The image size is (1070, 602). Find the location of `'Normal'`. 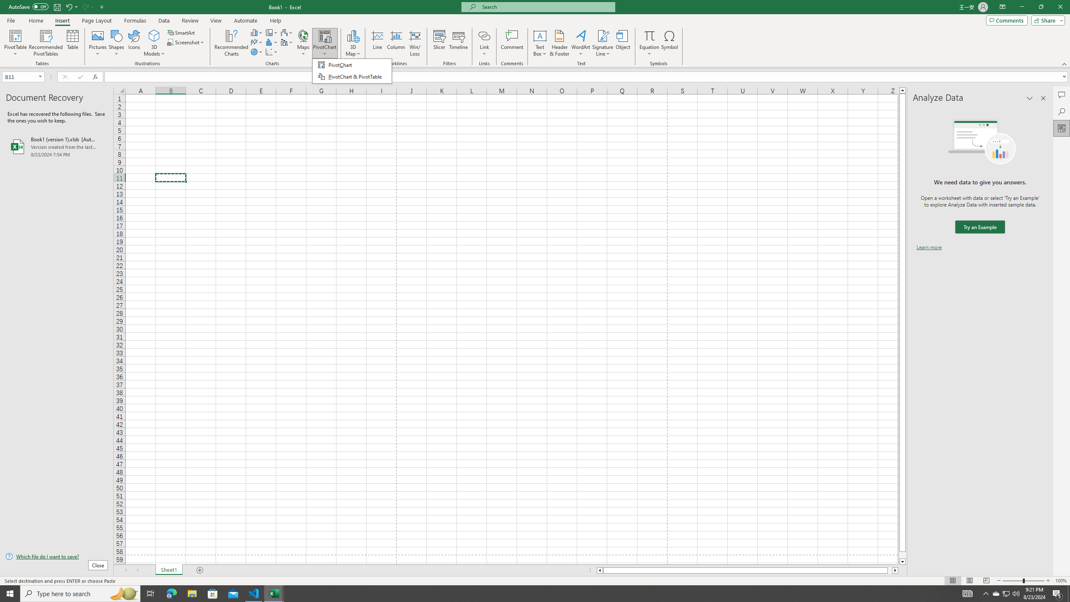

'Normal' is located at coordinates (952, 581).